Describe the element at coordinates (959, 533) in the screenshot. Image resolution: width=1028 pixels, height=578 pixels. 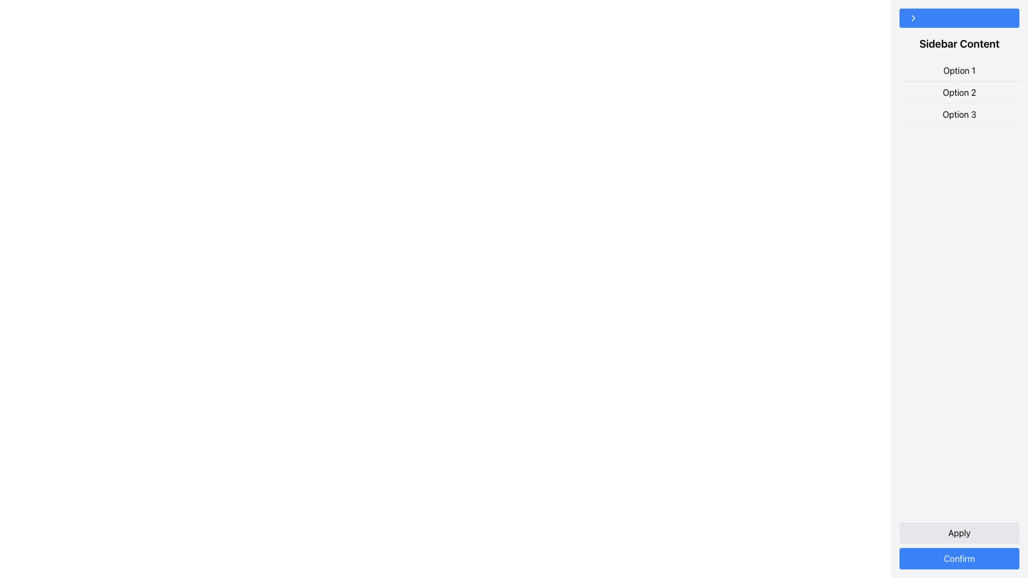
I see `the 'Apply' button located at the bottom right of the interface, just above the 'Confirm' button` at that location.